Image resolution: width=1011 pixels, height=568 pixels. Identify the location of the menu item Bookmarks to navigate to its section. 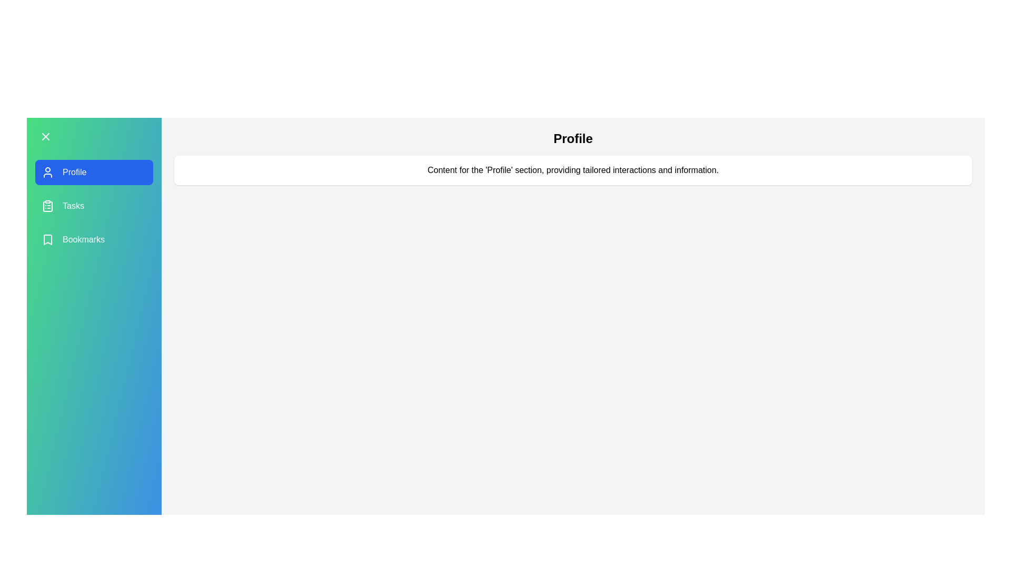
(94, 239).